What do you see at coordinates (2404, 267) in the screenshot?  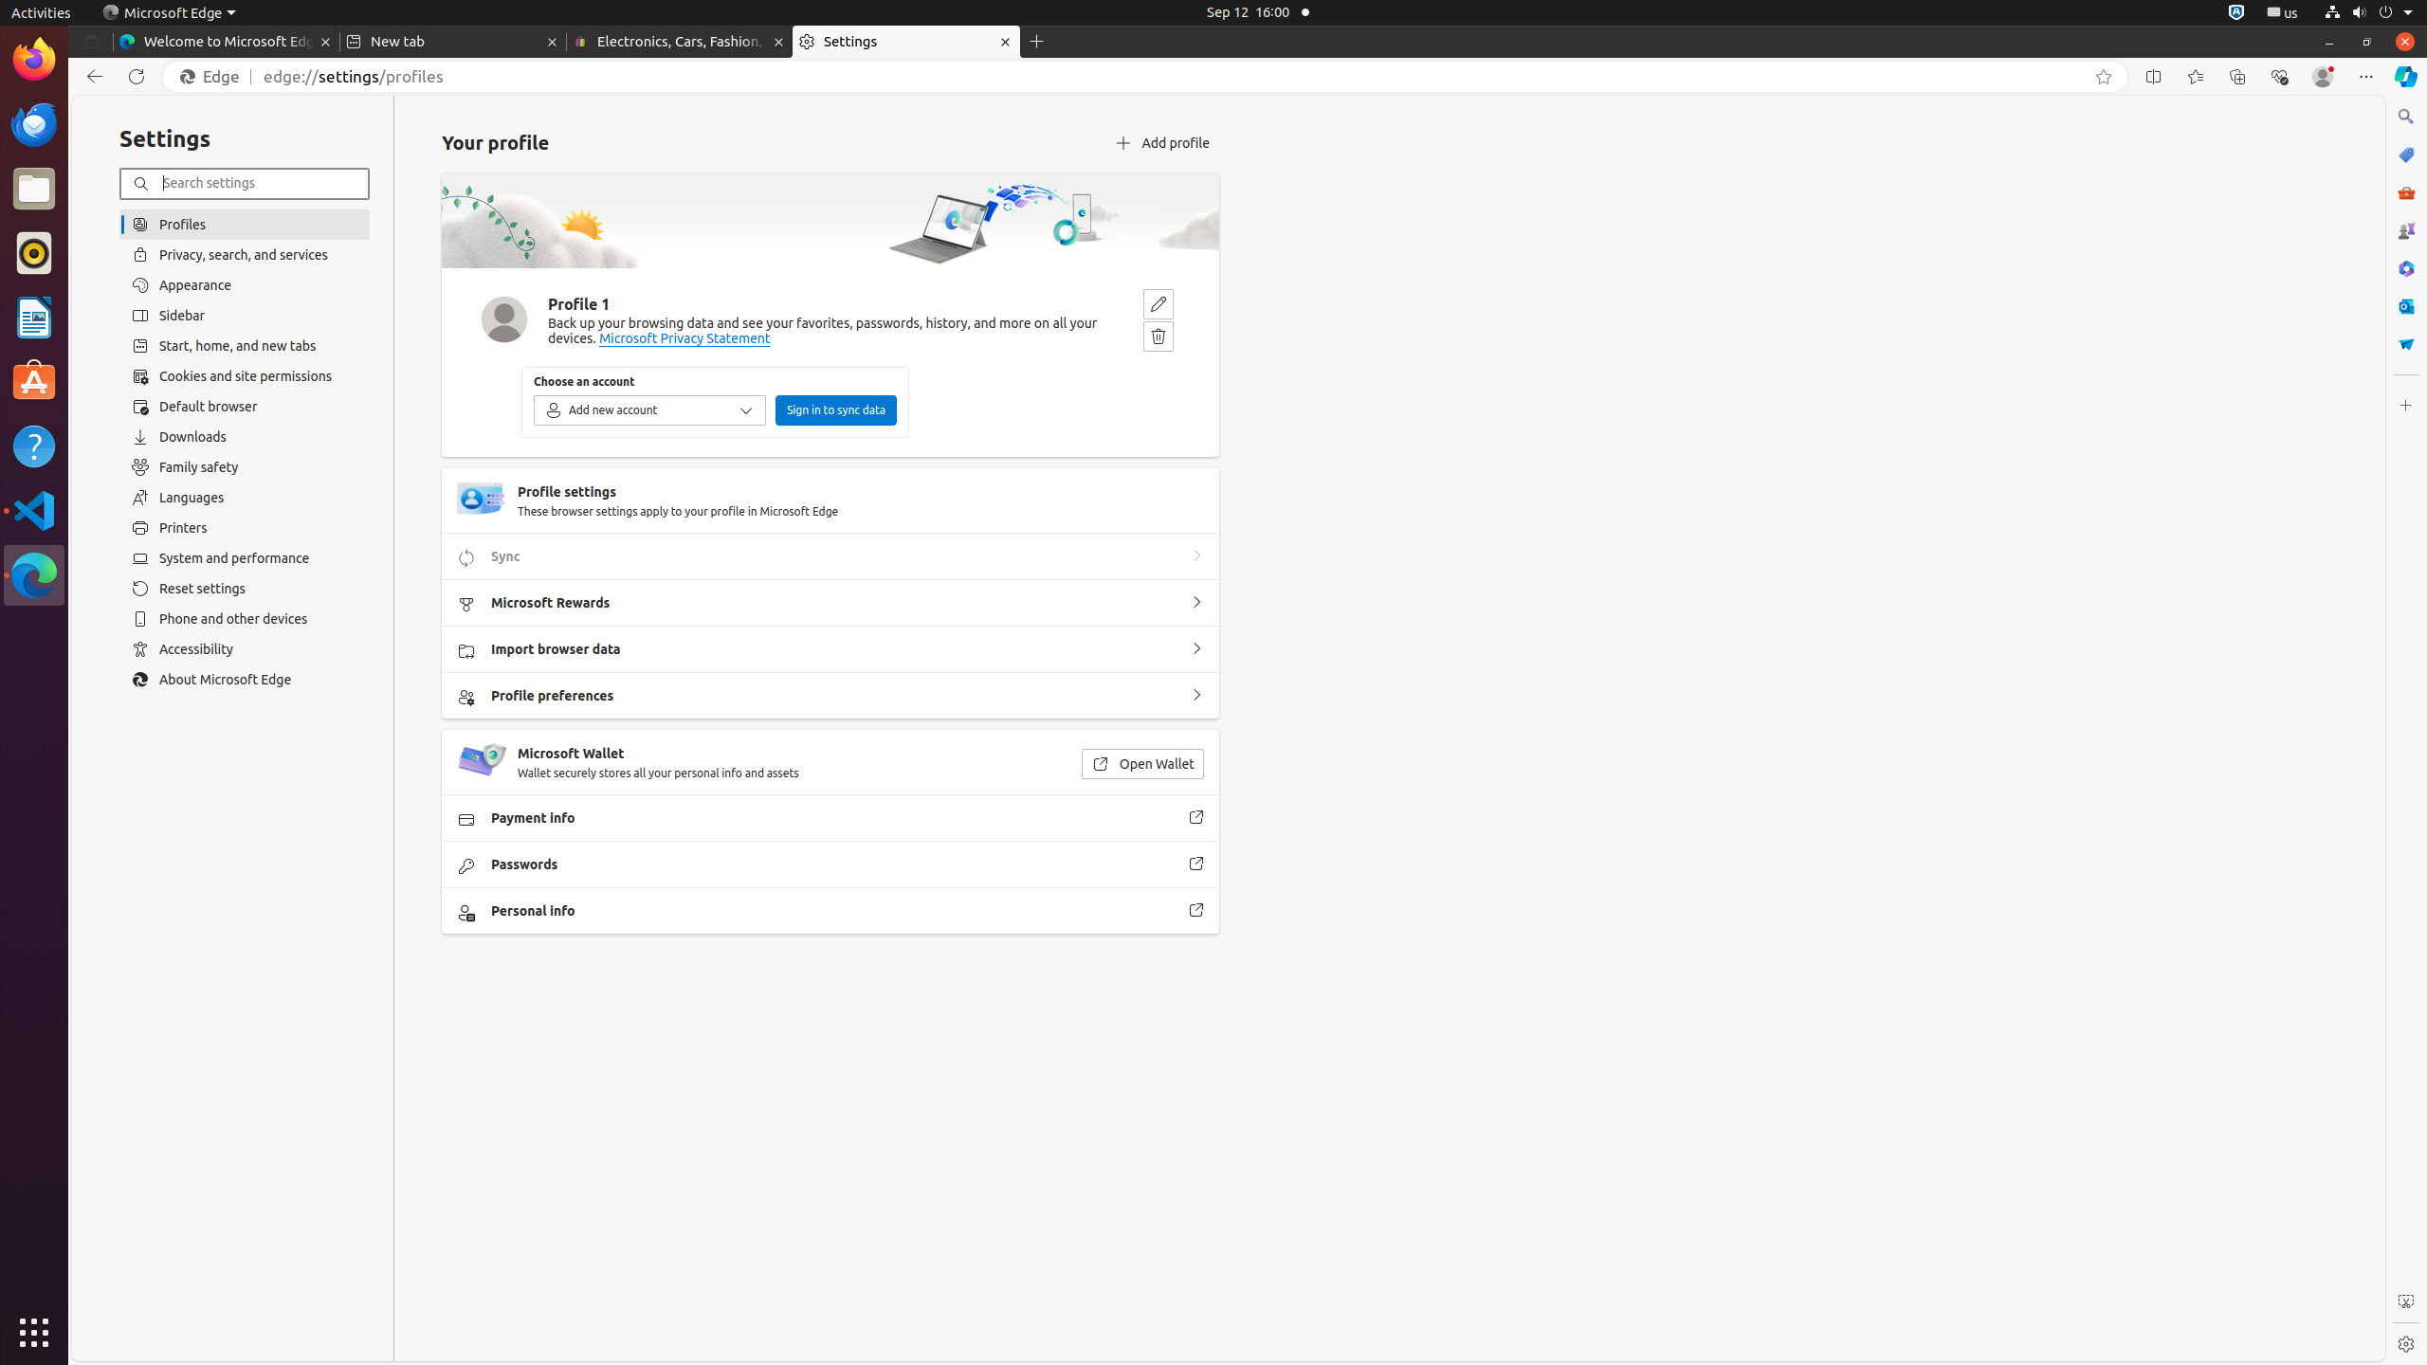 I see `'Microsoft 365'` at bounding box center [2404, 267].